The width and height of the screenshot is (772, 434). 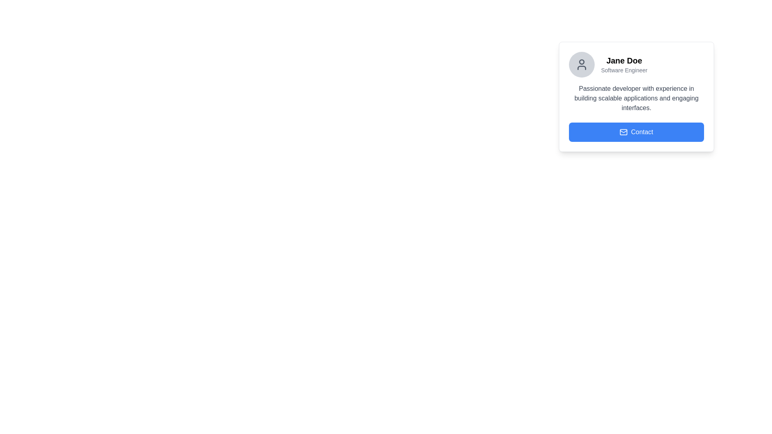 I want to click on the mail icon, which symbolizes an envelope and is located to the left of the 'Contact' text on a blue button at the bottom of the profile card, so click(x=623, y=131).